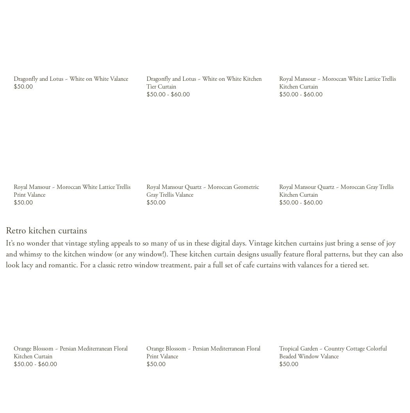 This screenshot has width=410, height=413. Describe the element at coordinates (70, 78) in the screenshot. I see `'Dragonfly and Lotus ~ White on White Valance'` at that location.